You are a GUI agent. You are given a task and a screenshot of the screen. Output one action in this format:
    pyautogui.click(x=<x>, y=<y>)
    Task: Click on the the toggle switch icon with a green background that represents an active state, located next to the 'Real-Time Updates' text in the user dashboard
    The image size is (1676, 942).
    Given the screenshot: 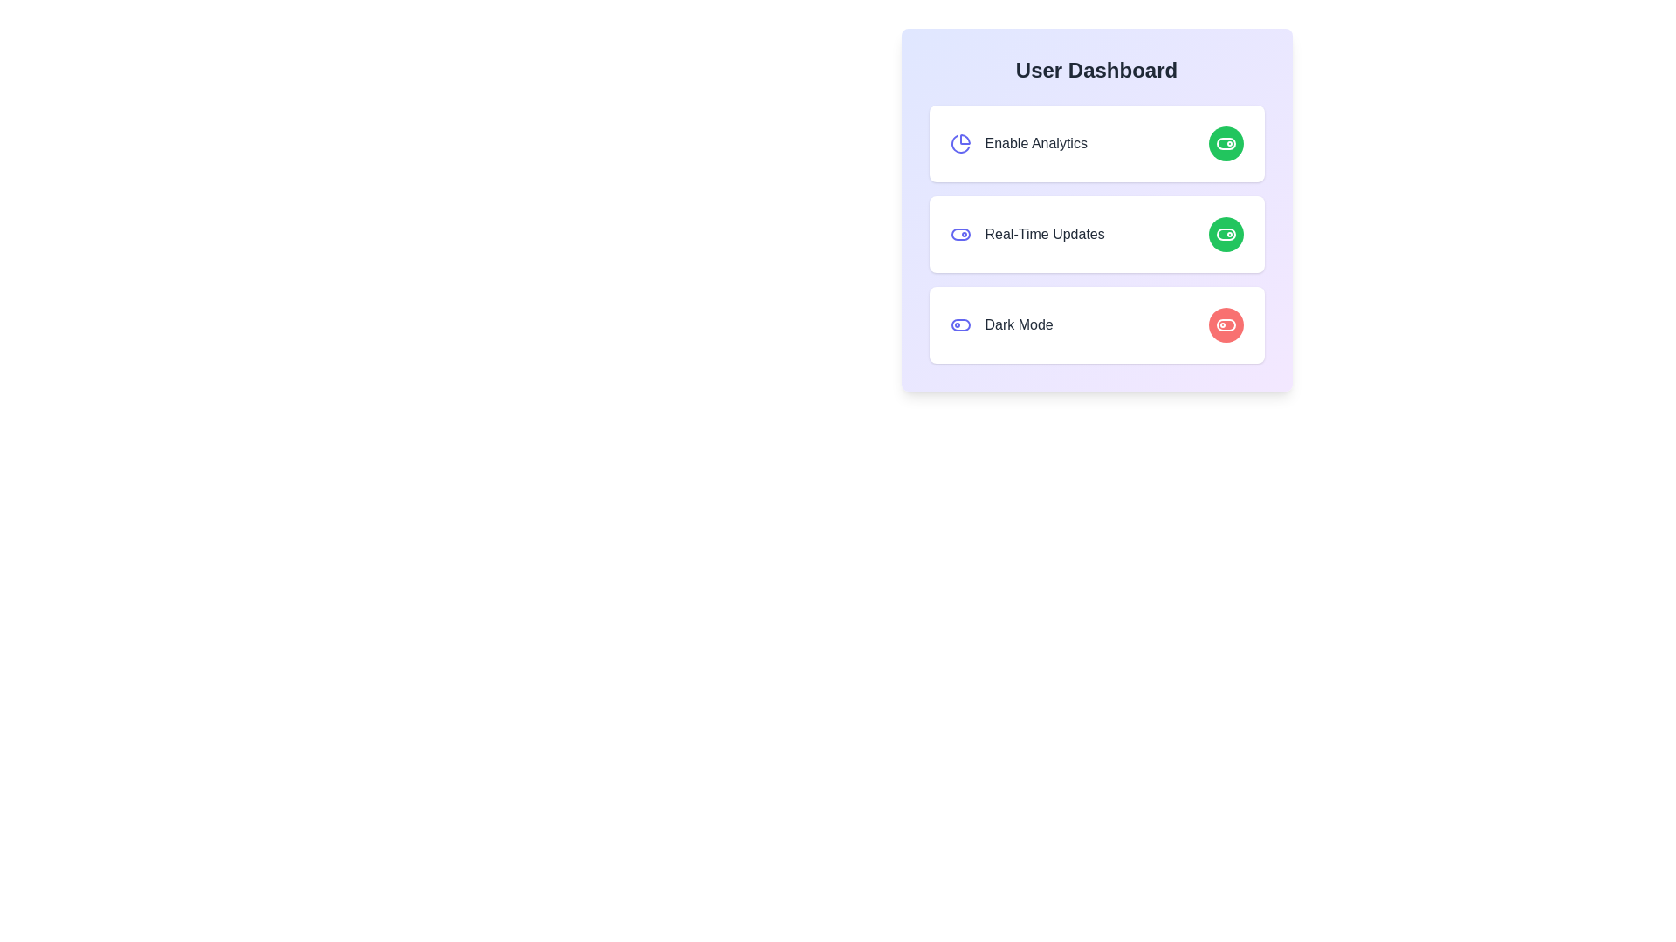 What is the action you would take?
    pyautogui.click(x=1225, y=234)
    